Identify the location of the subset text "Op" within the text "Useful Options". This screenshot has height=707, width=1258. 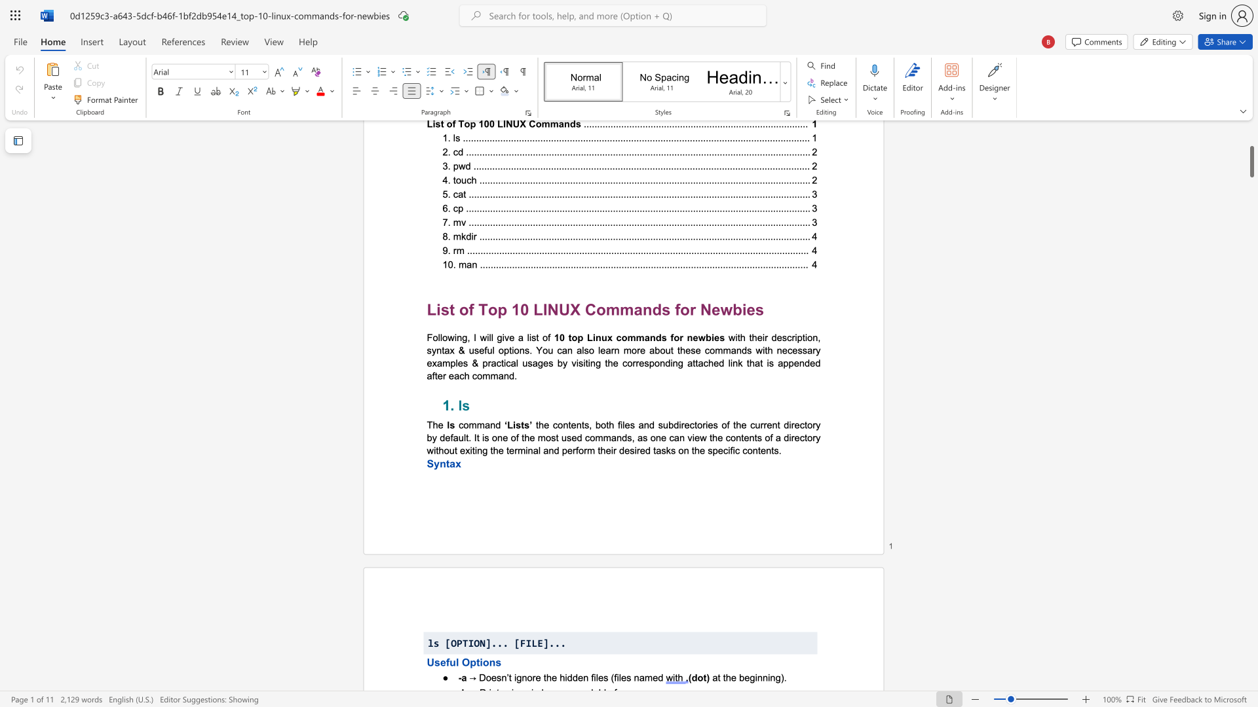
(461, 662).